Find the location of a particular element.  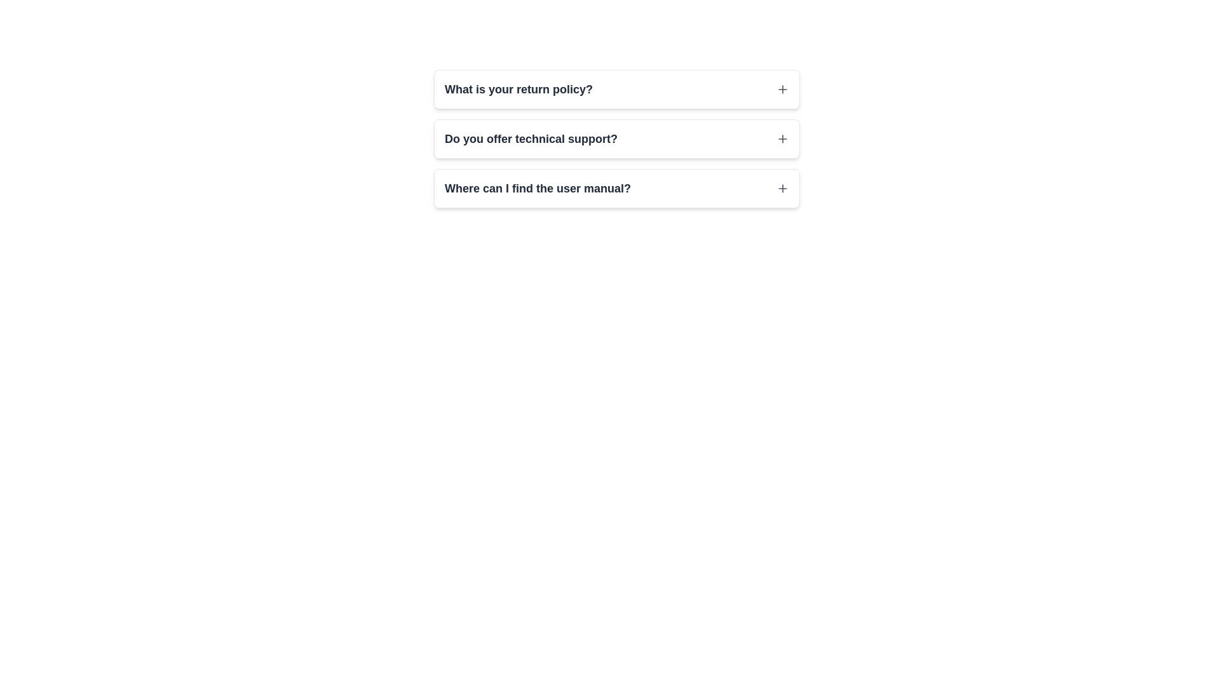

the third icon button on the right side of the list item labeled 'Where can I find the user manual?' is located at coordinates (782, 189).